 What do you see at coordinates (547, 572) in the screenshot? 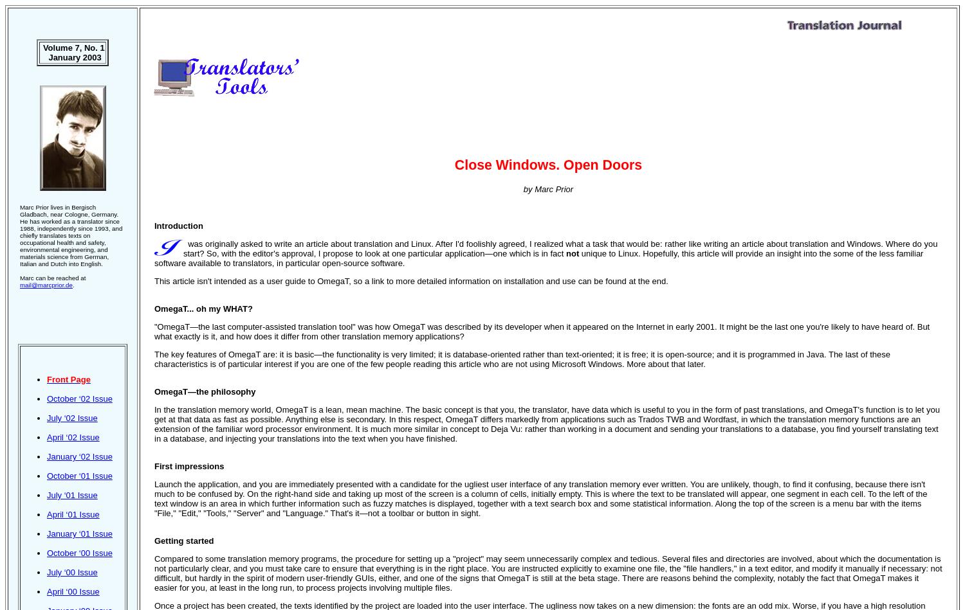
I see `'Compared to some translation memory programs, the procedure for setting up a "project" may seem unnecessarily complex and tedious. Several files and directories are involved, about which the documentation is not particularly clear, and you must take care to ensure that everything is in the right place. You are instructed explicitly to examine one file, the "file handlers," in a text editor, and modify it manually if necessary: not difficult, but hardly in the spirit of modern user-friendly GUIs, either, and one of the signs that OmegaT is still at the beta stage. There are reasons behind the complexity, notably the fact that OmegaT makes it easier for you, at least in the long run, to process projects involving multiple files.'` at bounding box center [547, 572].